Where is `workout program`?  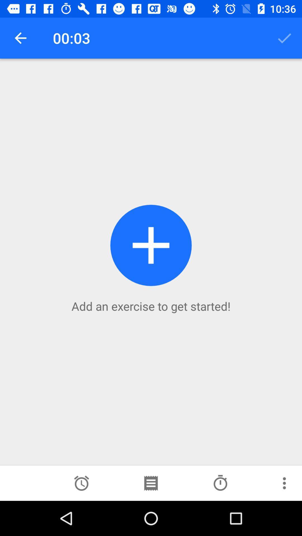
workout program is located at coordinates (150, 483).